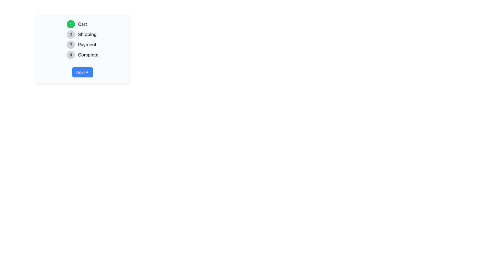  I want to click on the green circular badge with the white number '1' at its center, located in the top-left corner of the sequential navigation step component, so click(71, 24).